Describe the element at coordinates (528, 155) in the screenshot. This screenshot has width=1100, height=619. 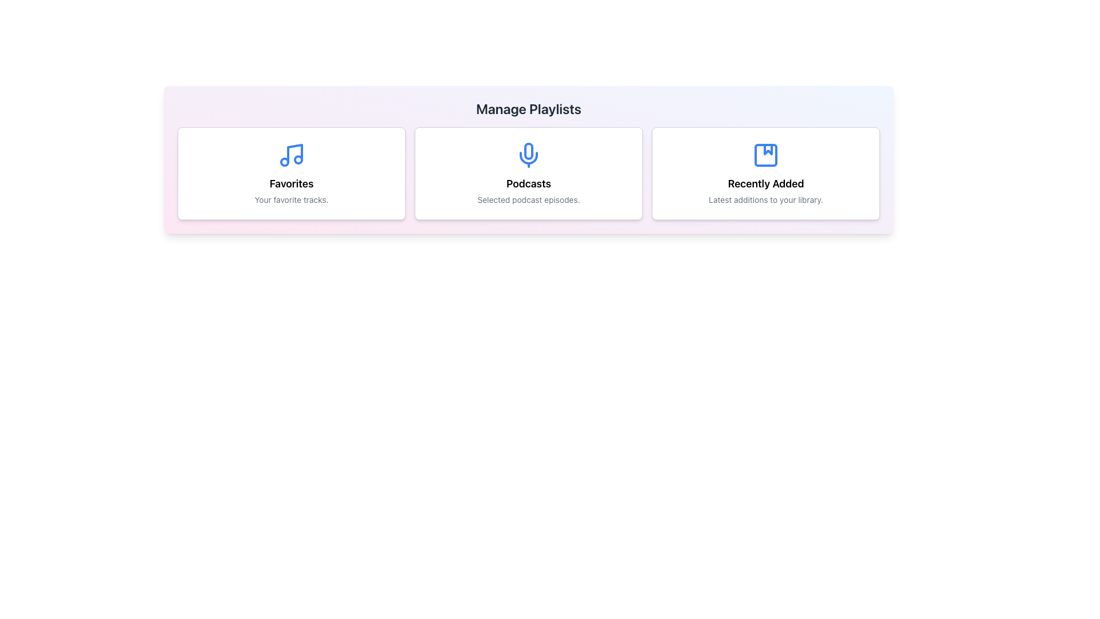
I see `the blue microphone icon located at the top-center of the interface, within the white card labeled 'Podcasts'` at that location.